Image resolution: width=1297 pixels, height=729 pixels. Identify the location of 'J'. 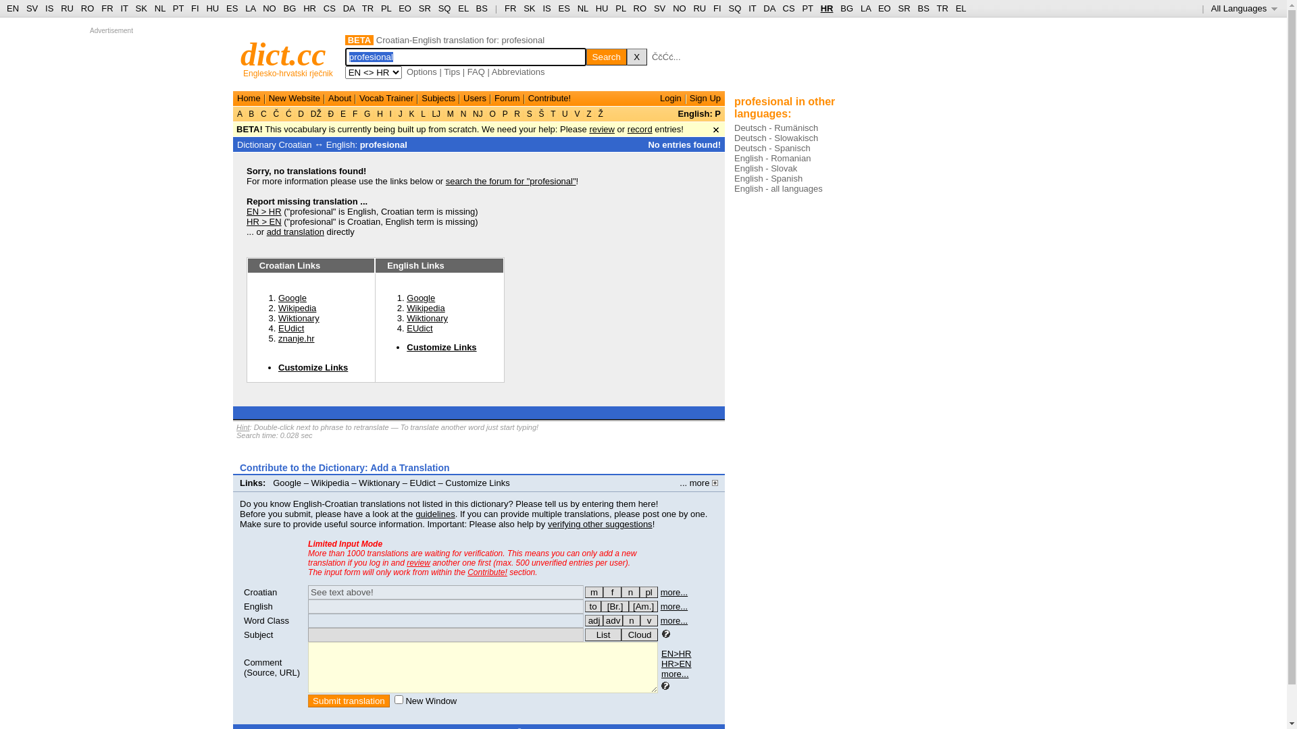
(399, 113).